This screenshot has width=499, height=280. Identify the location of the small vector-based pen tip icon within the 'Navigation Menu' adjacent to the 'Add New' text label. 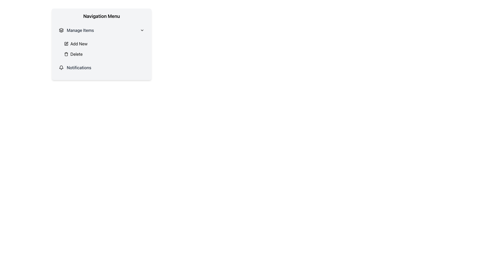
(67, 43).